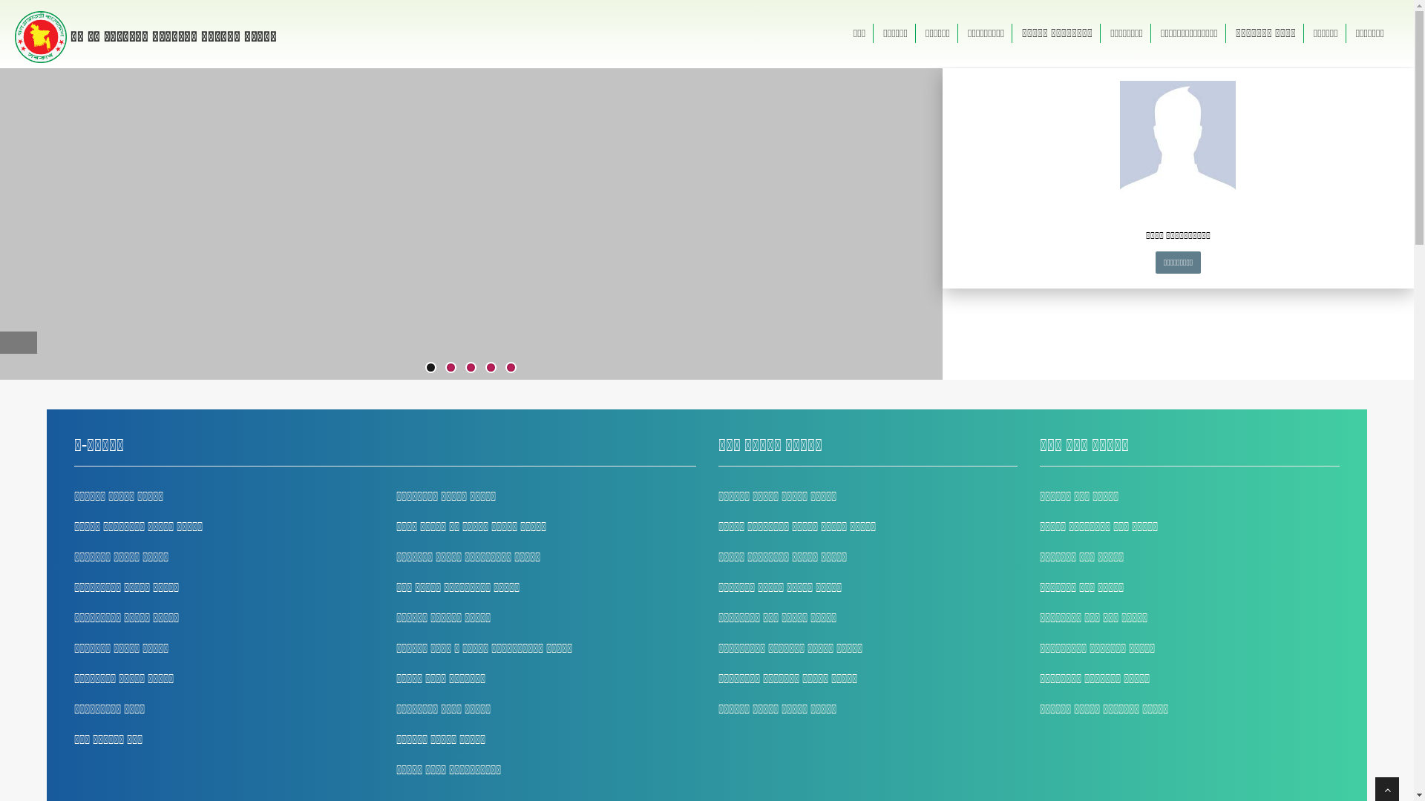 This screenshot has width=1425, height=801. I want to click on '3', so click(470, 367).